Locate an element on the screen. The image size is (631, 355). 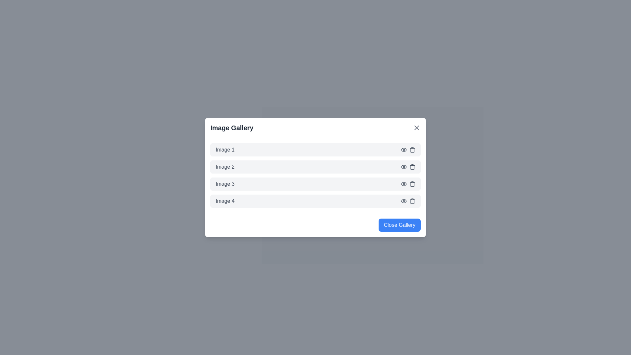
the eye icon button in the Image Gallery is located at coordinates (403, 184).